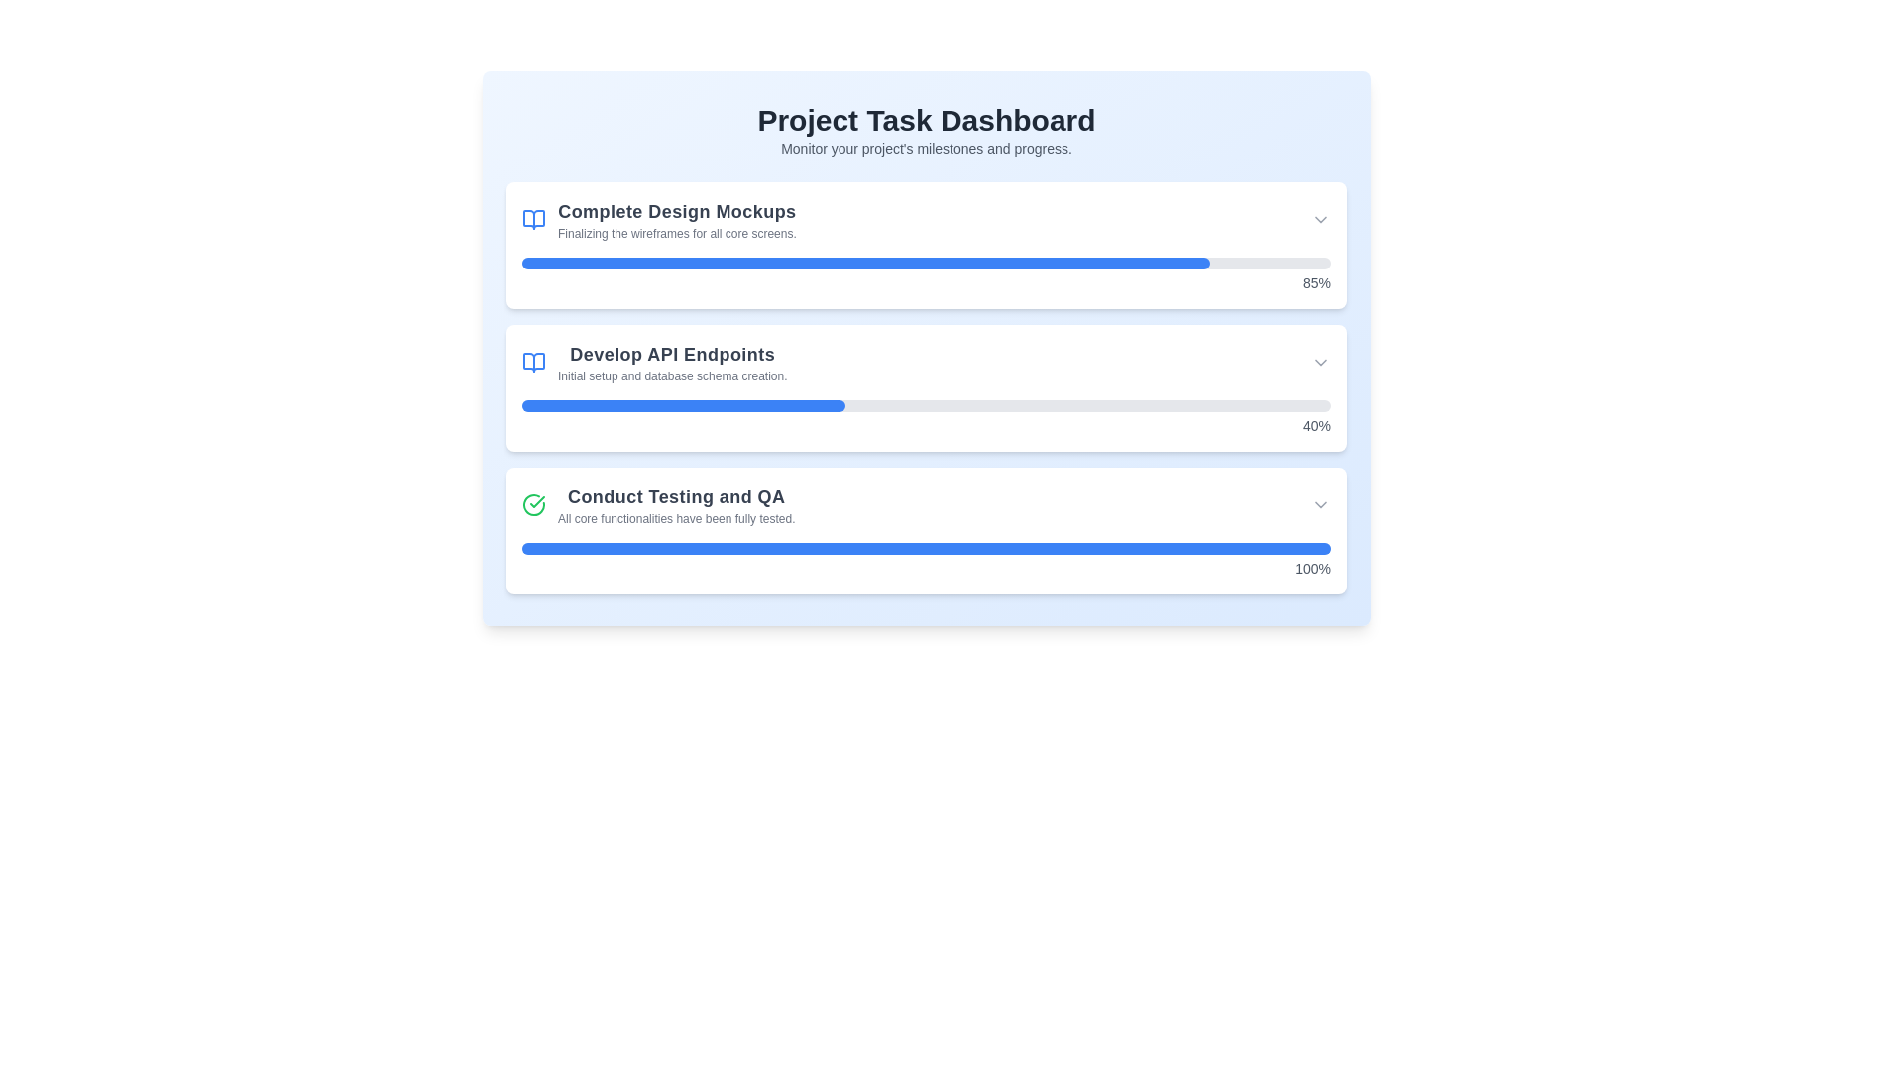 This screenshot has height=1070, width=1903. What do you see at coordinates (533, 363) in the screenshot?
I see `the decorative icon representing the 'Complete Design Mockups' task in the project task dashboard, located to the left of the corresponding text` at bounding box center [533, 363].